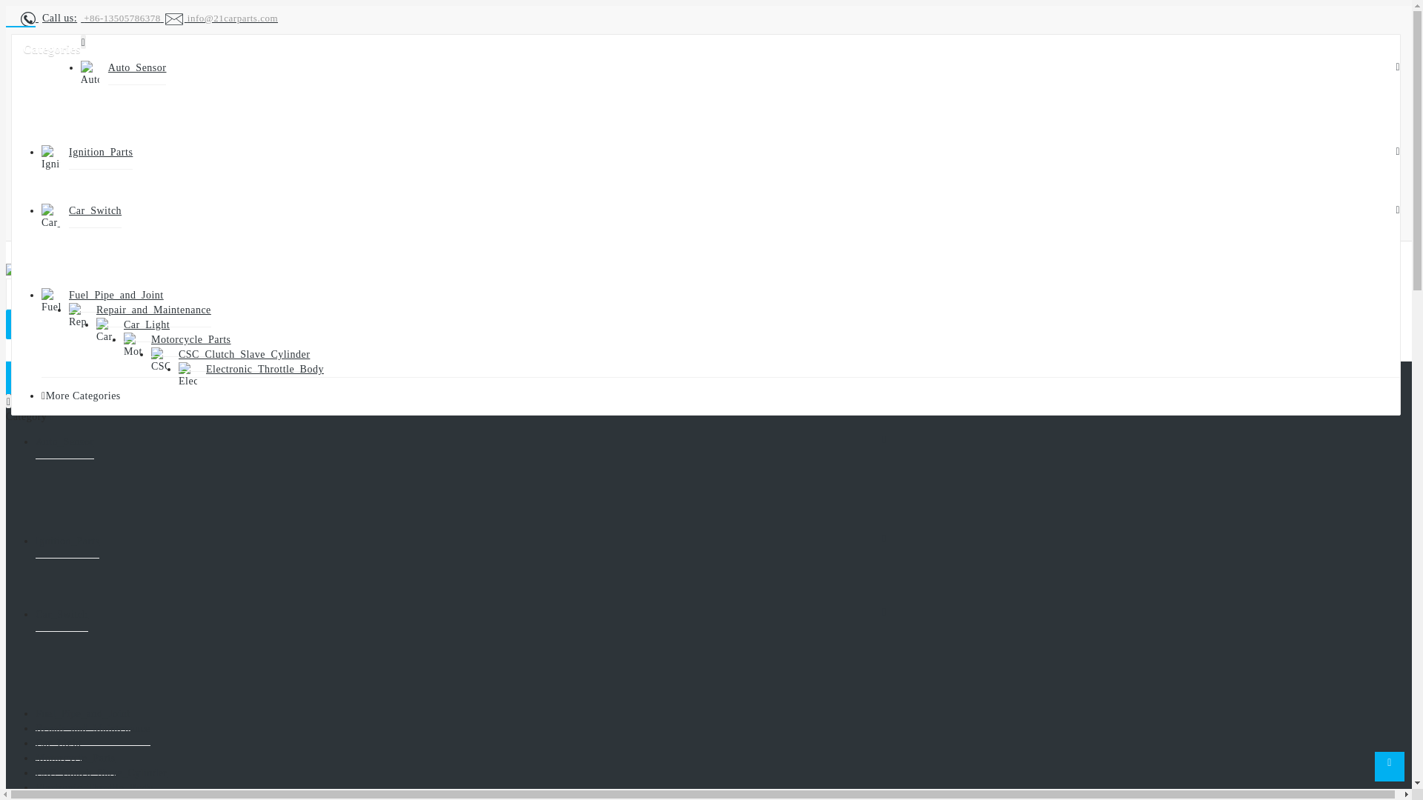 Image resolution: width=1423 pixels, height=800 pixels. What do you see at coordinates (107, 68) in the screenshot?
I see `'Auto_Sensor'` at bounding box center [107, 68].